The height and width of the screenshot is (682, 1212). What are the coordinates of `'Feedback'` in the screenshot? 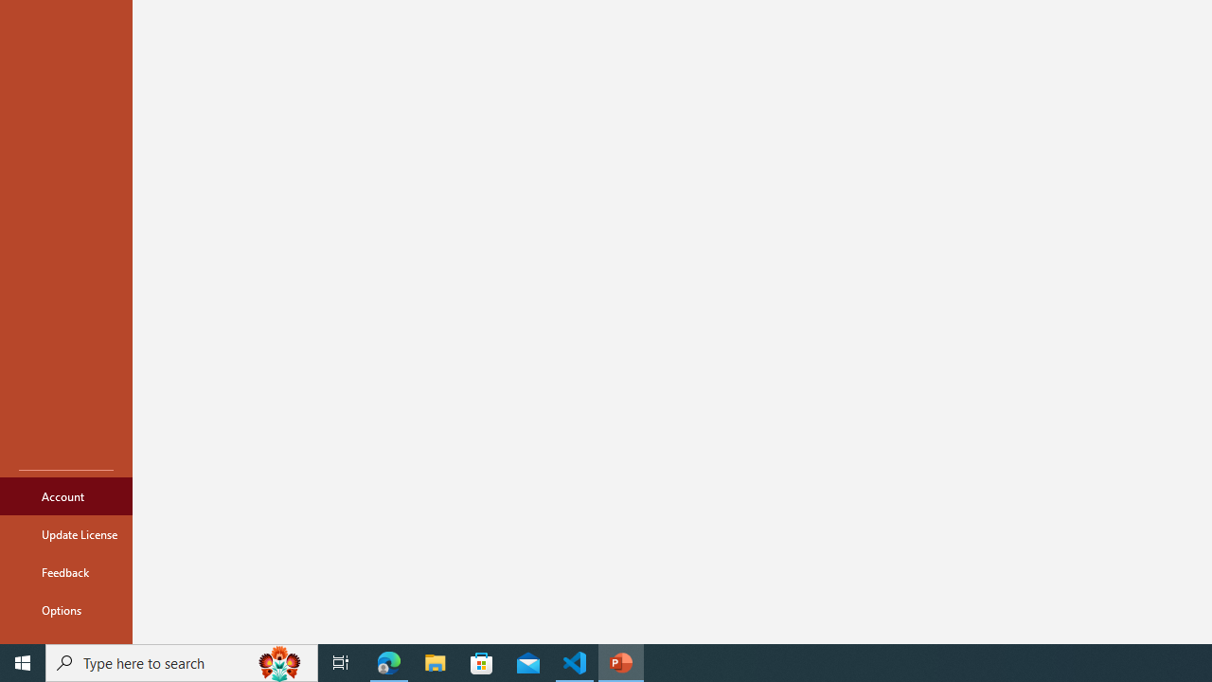 It's located at (65, 571).